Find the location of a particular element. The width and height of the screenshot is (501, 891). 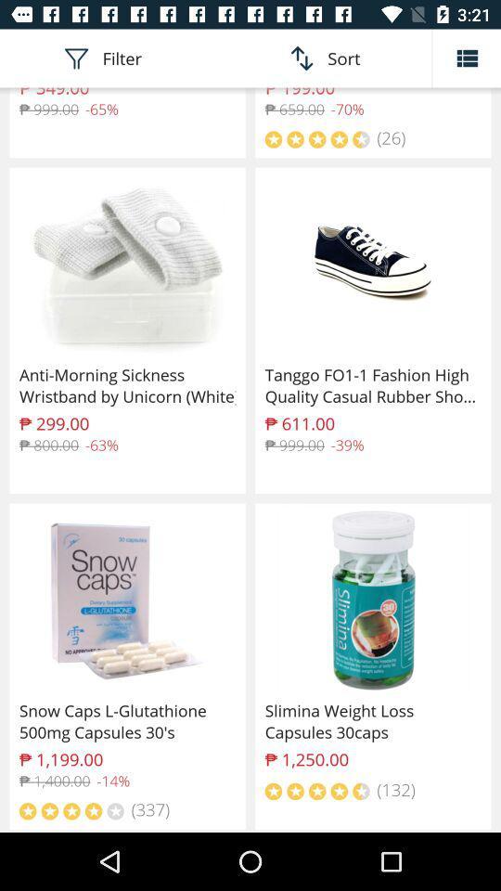

the list icon is located at coordinates (466, 58).